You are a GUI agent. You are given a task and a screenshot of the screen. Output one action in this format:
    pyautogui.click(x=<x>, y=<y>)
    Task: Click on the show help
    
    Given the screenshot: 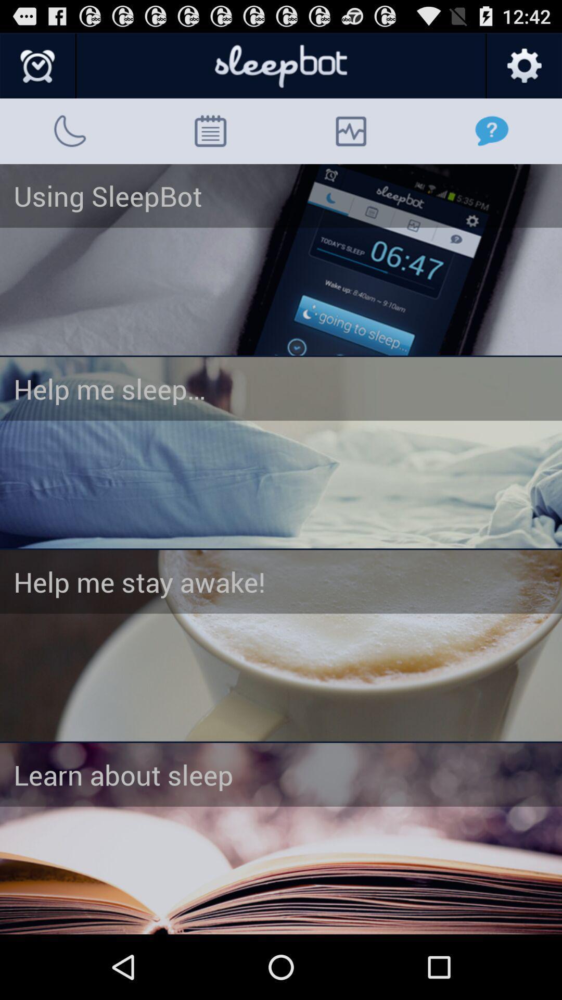 What is the action you would take?
    pyautogui.click(x=281, y=259)
    